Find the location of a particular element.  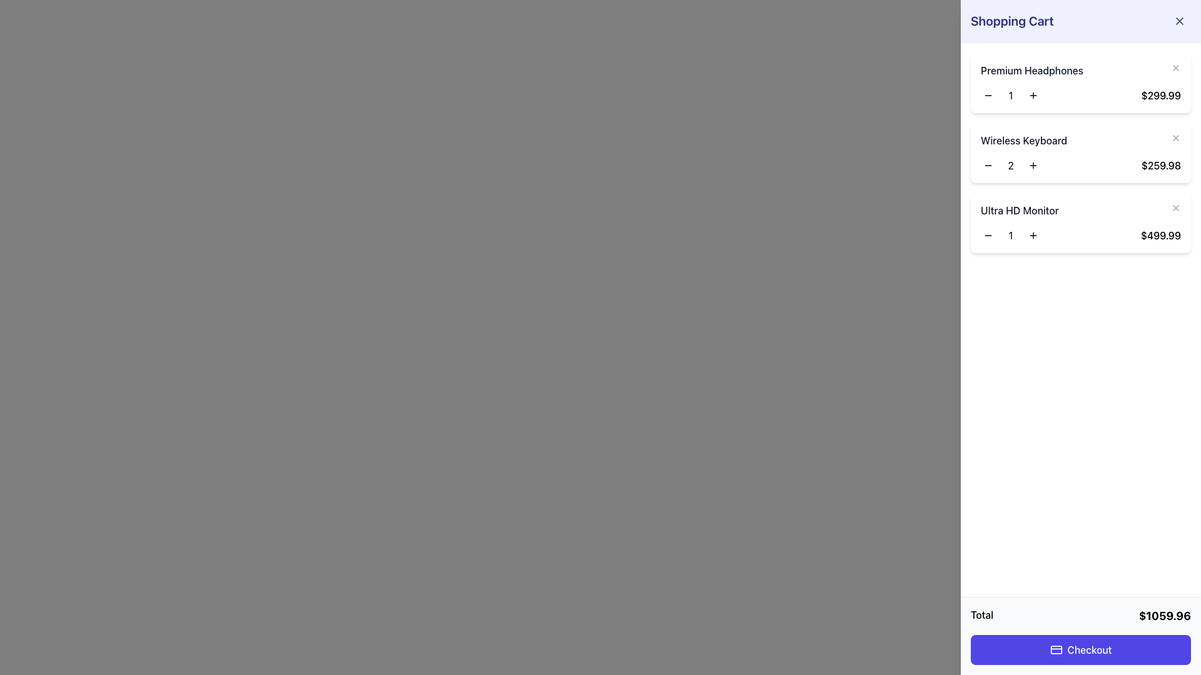

the circular button with a minus symbol ('-') in the 'Wireless Keyboard' product row of the shopping cart is located at coordinates (987, 165).